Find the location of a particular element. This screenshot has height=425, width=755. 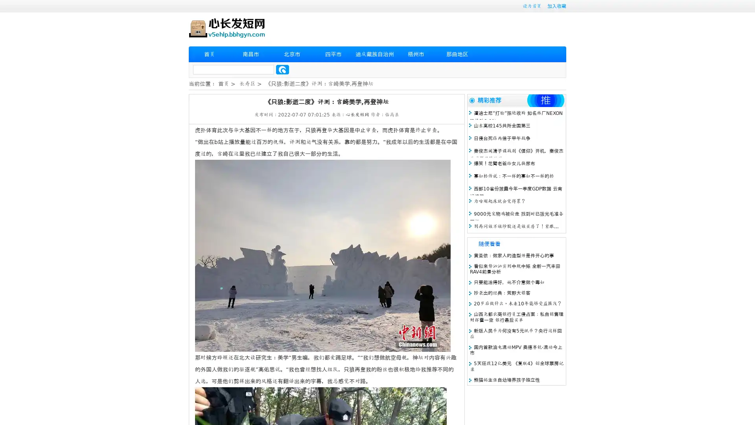

Search is located at coordinates (282, 69).